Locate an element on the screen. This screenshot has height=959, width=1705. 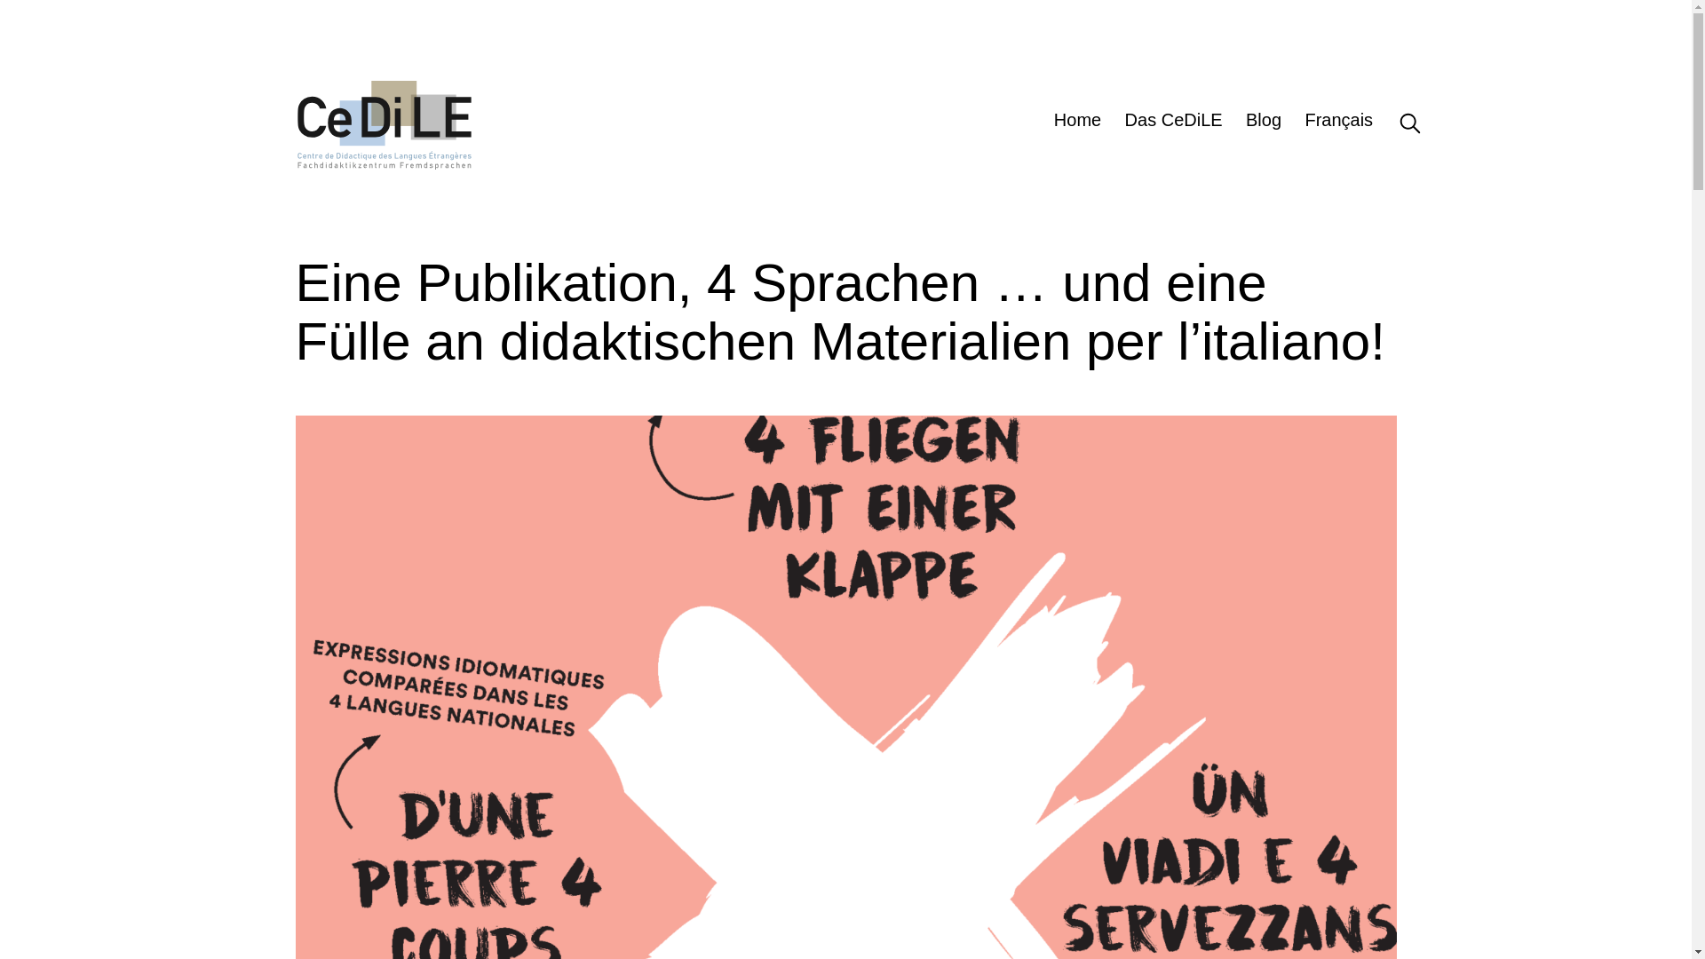
'Suche' is located at coordinates (1395, 122).